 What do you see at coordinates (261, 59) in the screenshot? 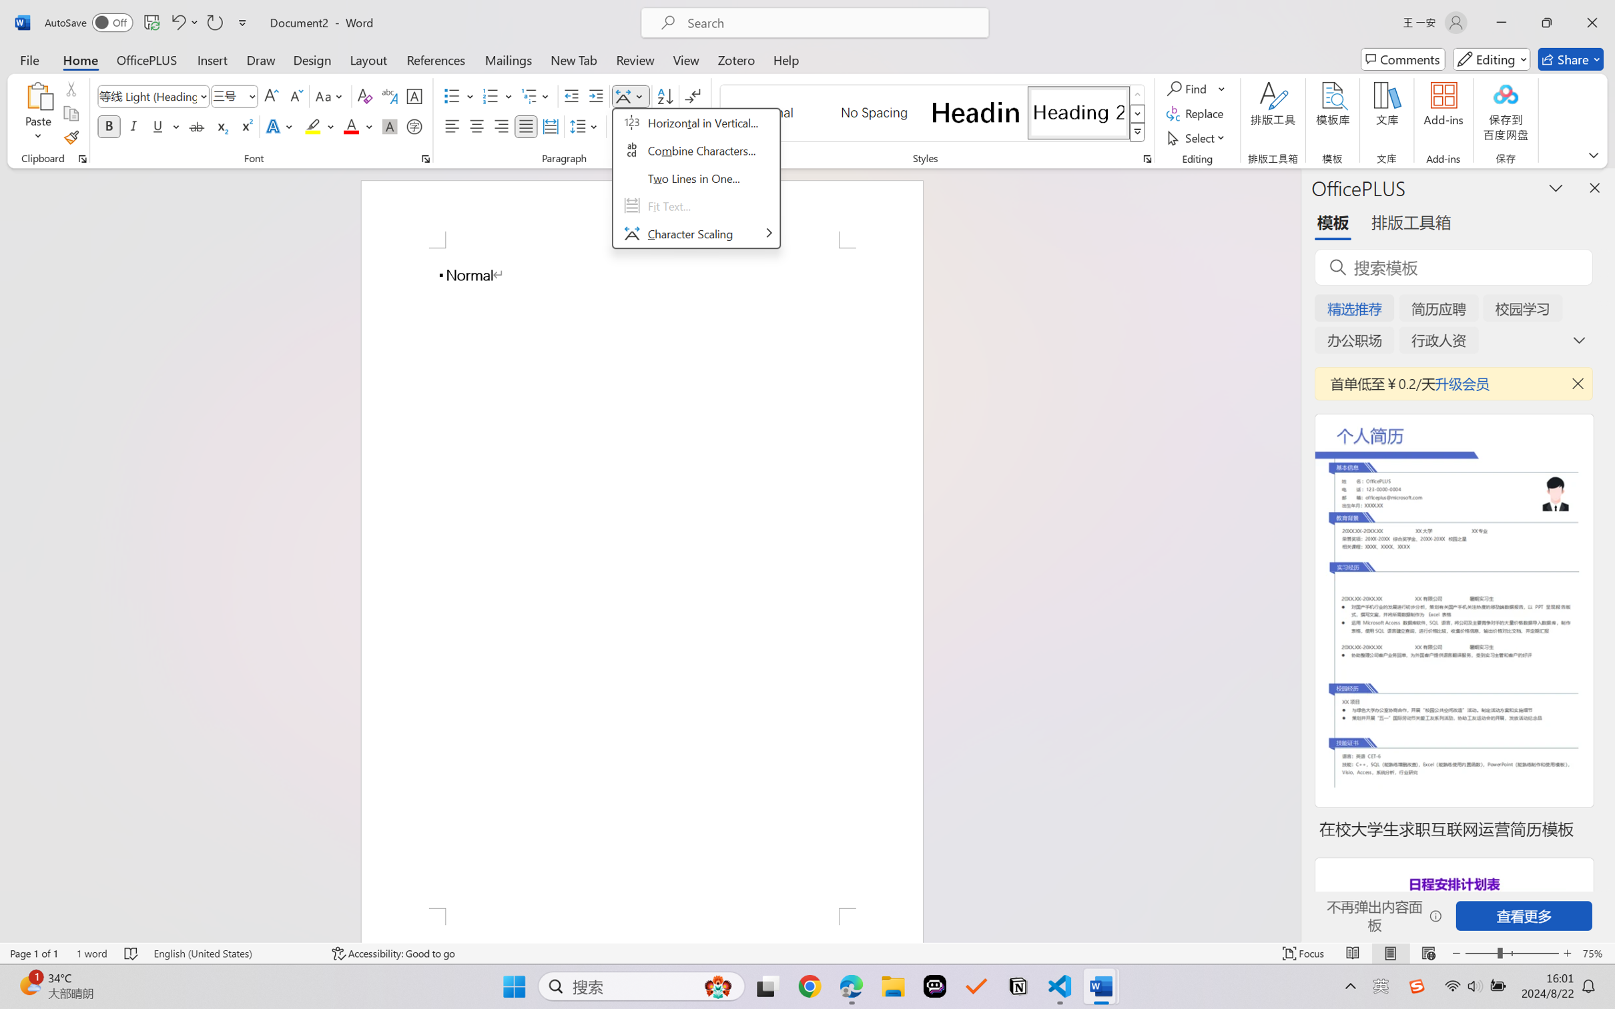
I see `'Draw'` at bounding box center [261, 59].